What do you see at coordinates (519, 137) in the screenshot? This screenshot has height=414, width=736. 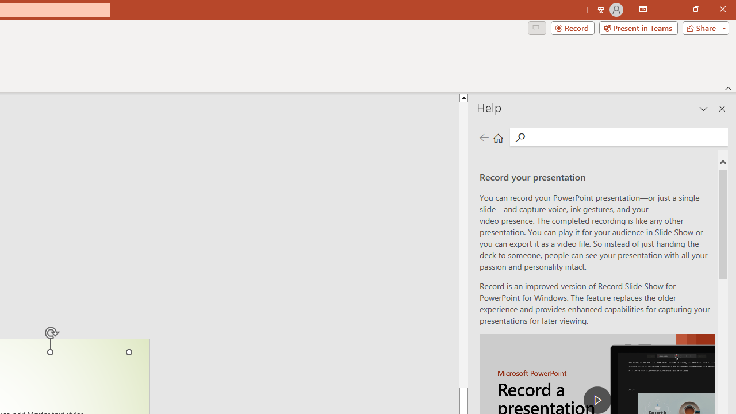 I see `'Search'` at bounding box center [519, 137].